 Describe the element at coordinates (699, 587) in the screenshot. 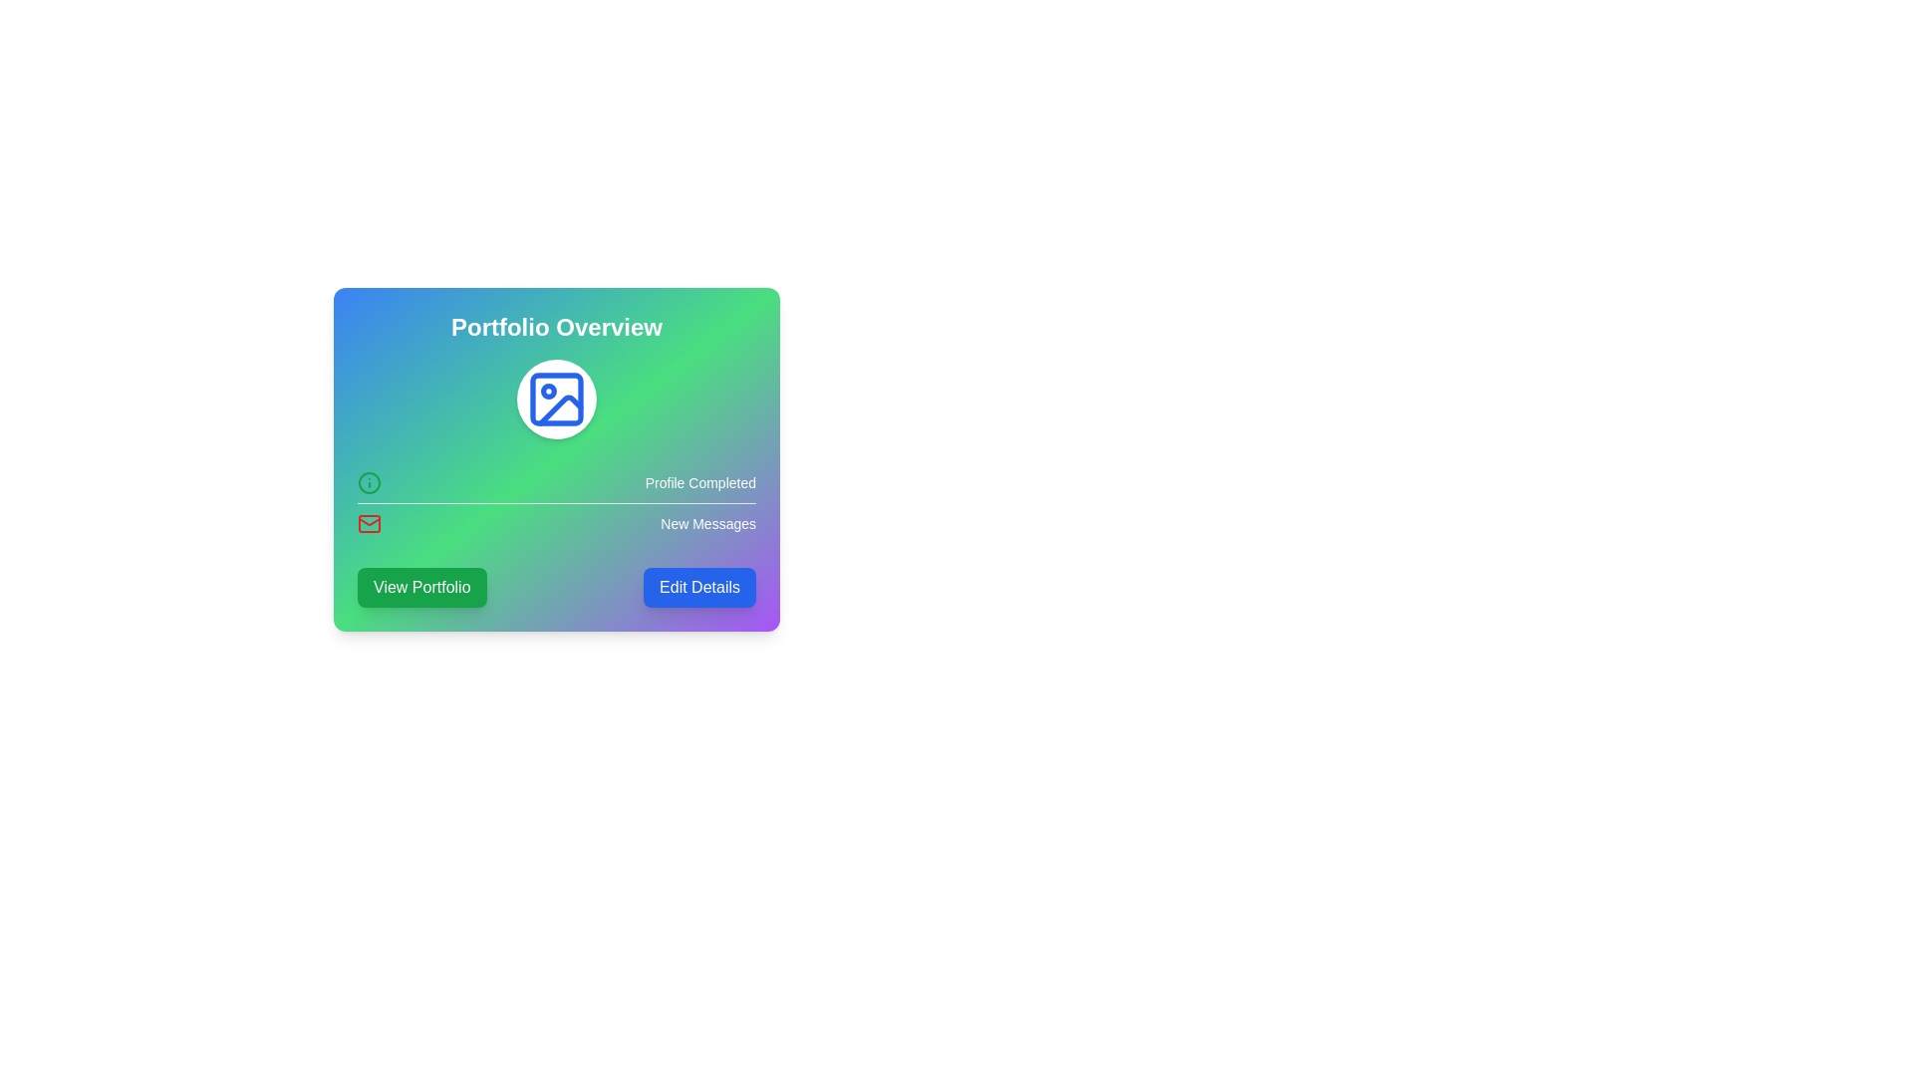

I see `the 'Edit Details' button, which is the second button in a horizontal group, styled in blue with white text, positioned to the right of the 'View Portfolio' button` at that location.